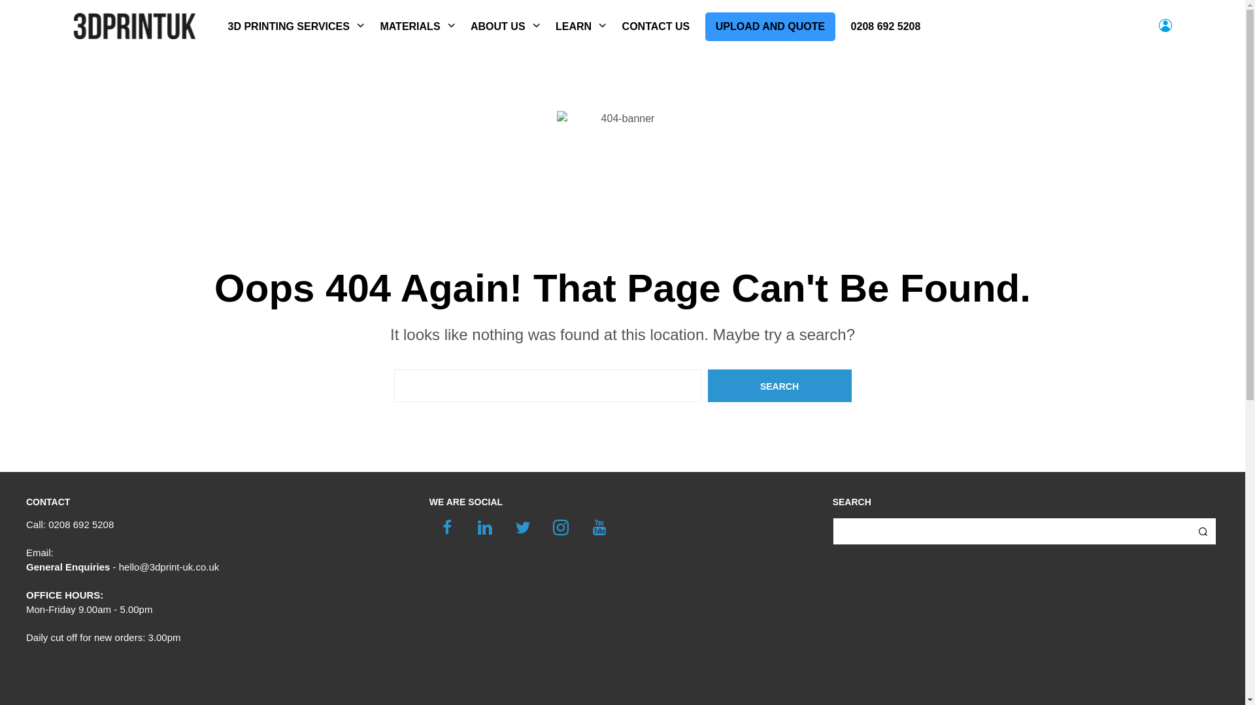 The width and height of the screenshot is (1255, 705). Describe the element at coordinates (705, 27) in the screenshot. I see `'UPLOAD AND QUOTE'` at that location.